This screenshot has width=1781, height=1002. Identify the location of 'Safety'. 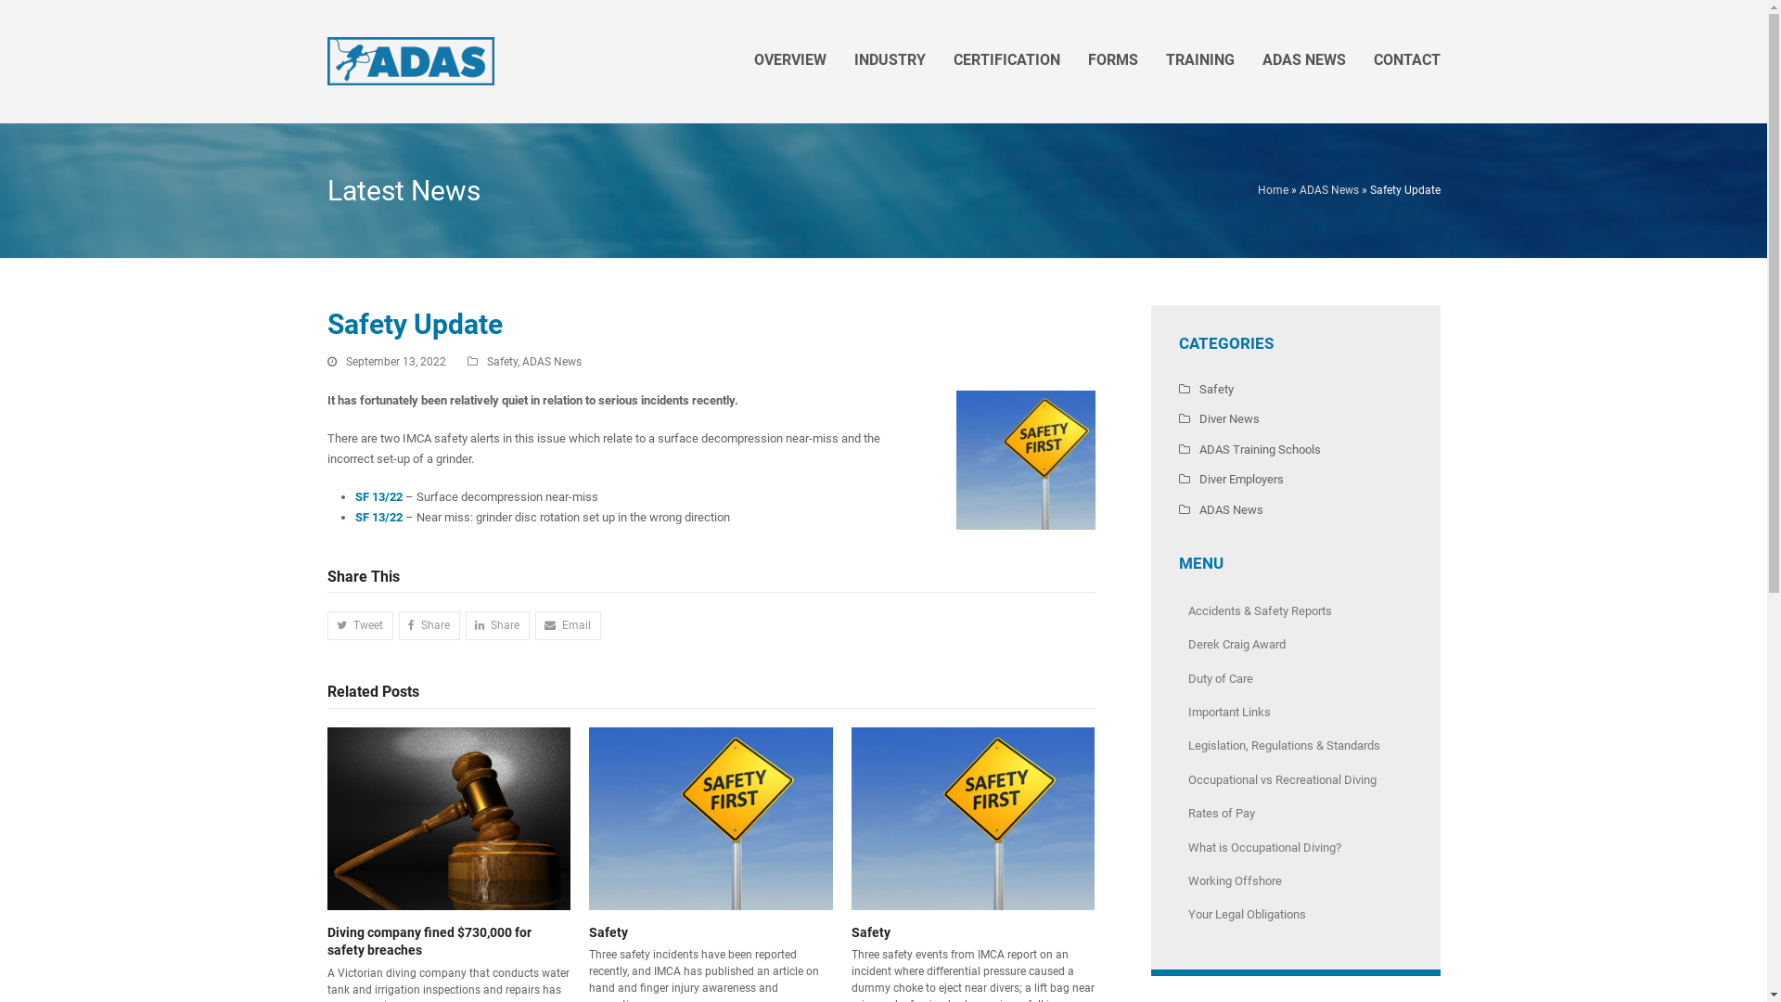
(972, 816).